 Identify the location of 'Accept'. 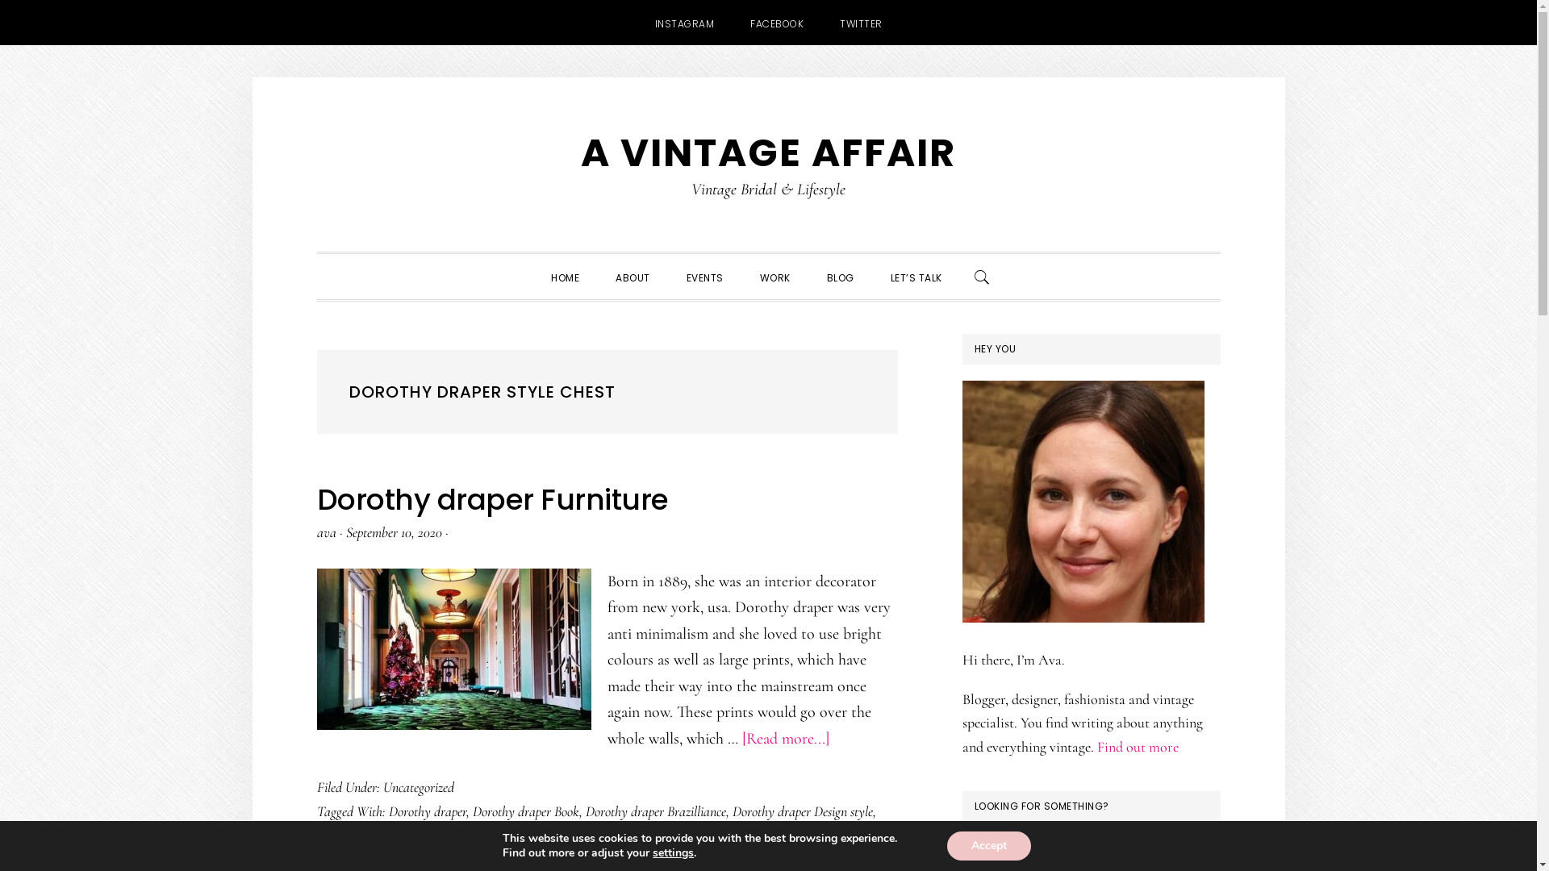
(987, 845).